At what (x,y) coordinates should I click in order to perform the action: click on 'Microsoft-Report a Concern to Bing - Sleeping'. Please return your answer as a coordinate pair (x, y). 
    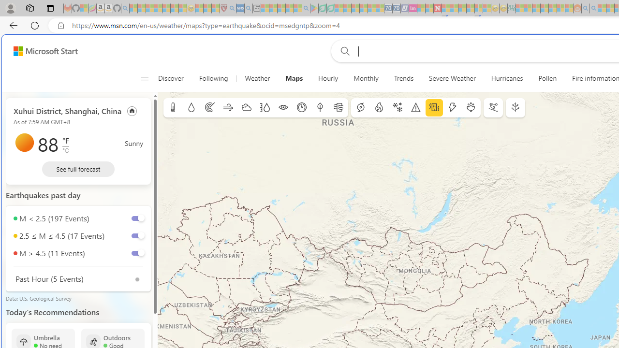
    Looking at the image, I should click on (84, 8).